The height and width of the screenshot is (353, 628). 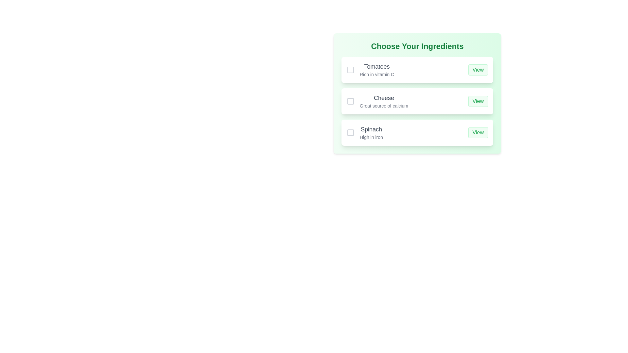 I want to click on the text display element that shows 'Cheese' and 'Great source of calcium', which is the second item in a vertical list of components, so click(x=384, y=101).